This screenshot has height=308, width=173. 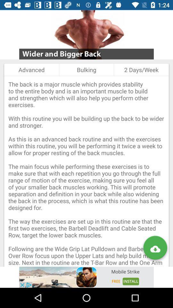 What do you see at coordinates (86, 70) in the screenshot?
I see `item to the left of the 2 days/week item` at bounding box center [86, 70].